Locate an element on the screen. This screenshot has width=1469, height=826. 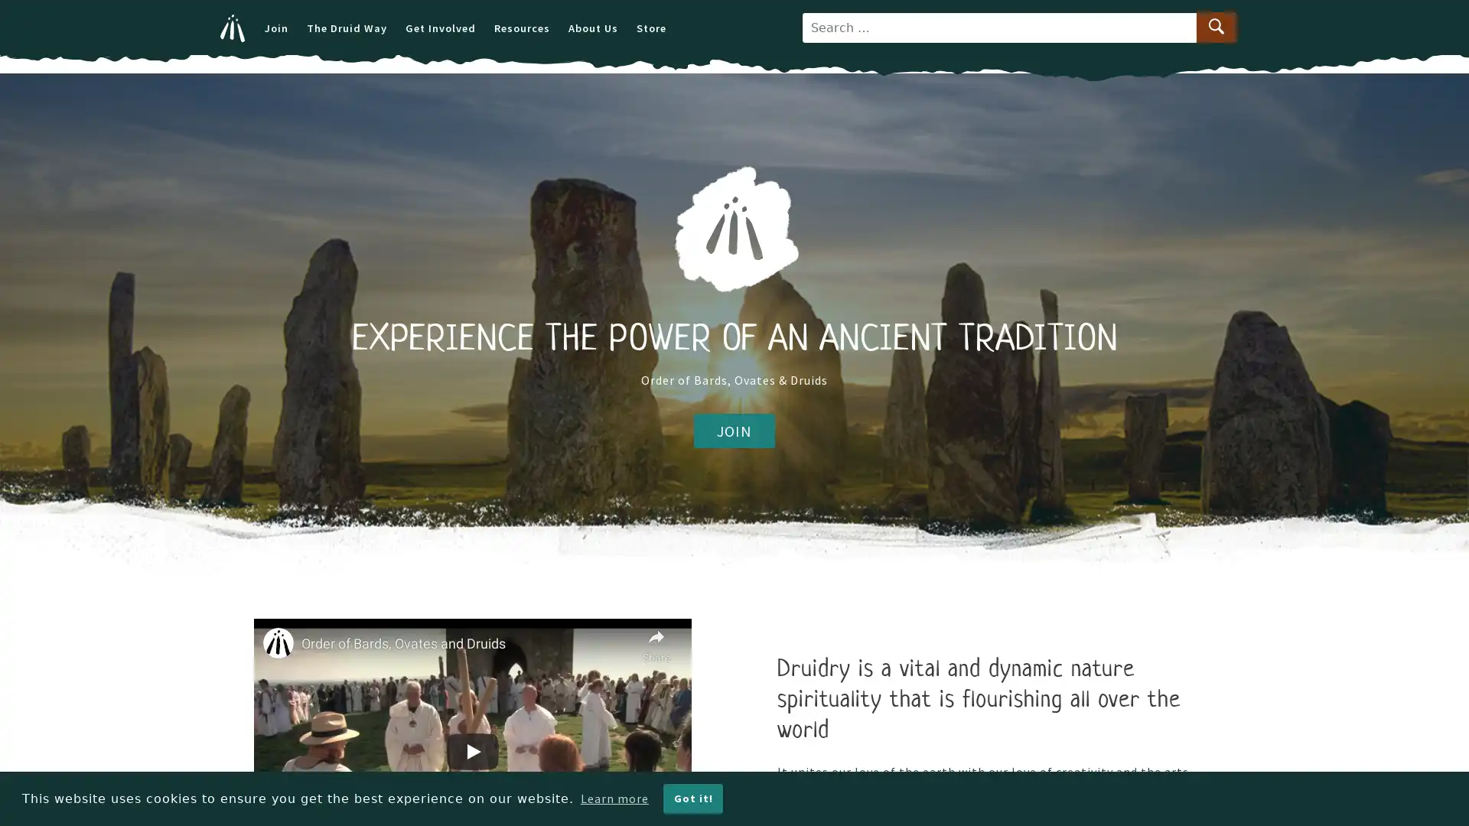
dismiss cookie message is located at coordinates (692, 798).